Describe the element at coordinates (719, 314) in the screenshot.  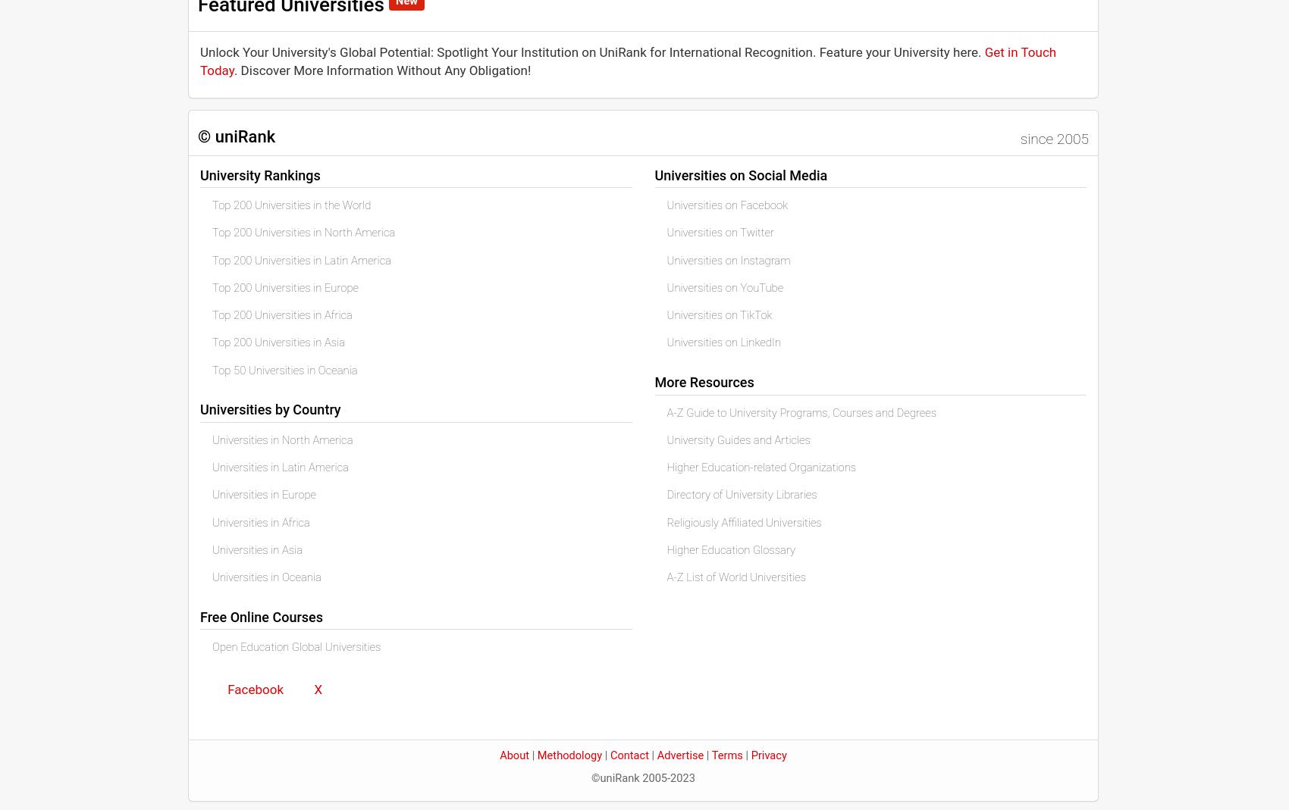
I see `'Universities on TikTok'` at that location.